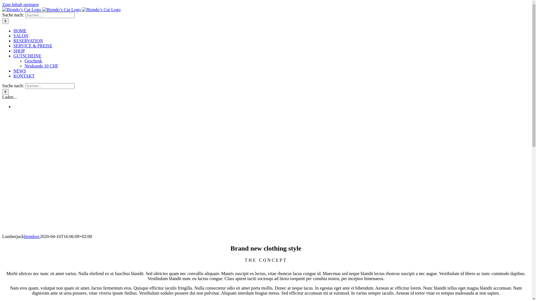 The image size is (536, 301). I want to click on 'Neukunde 10 CHF', so click(41, 65).